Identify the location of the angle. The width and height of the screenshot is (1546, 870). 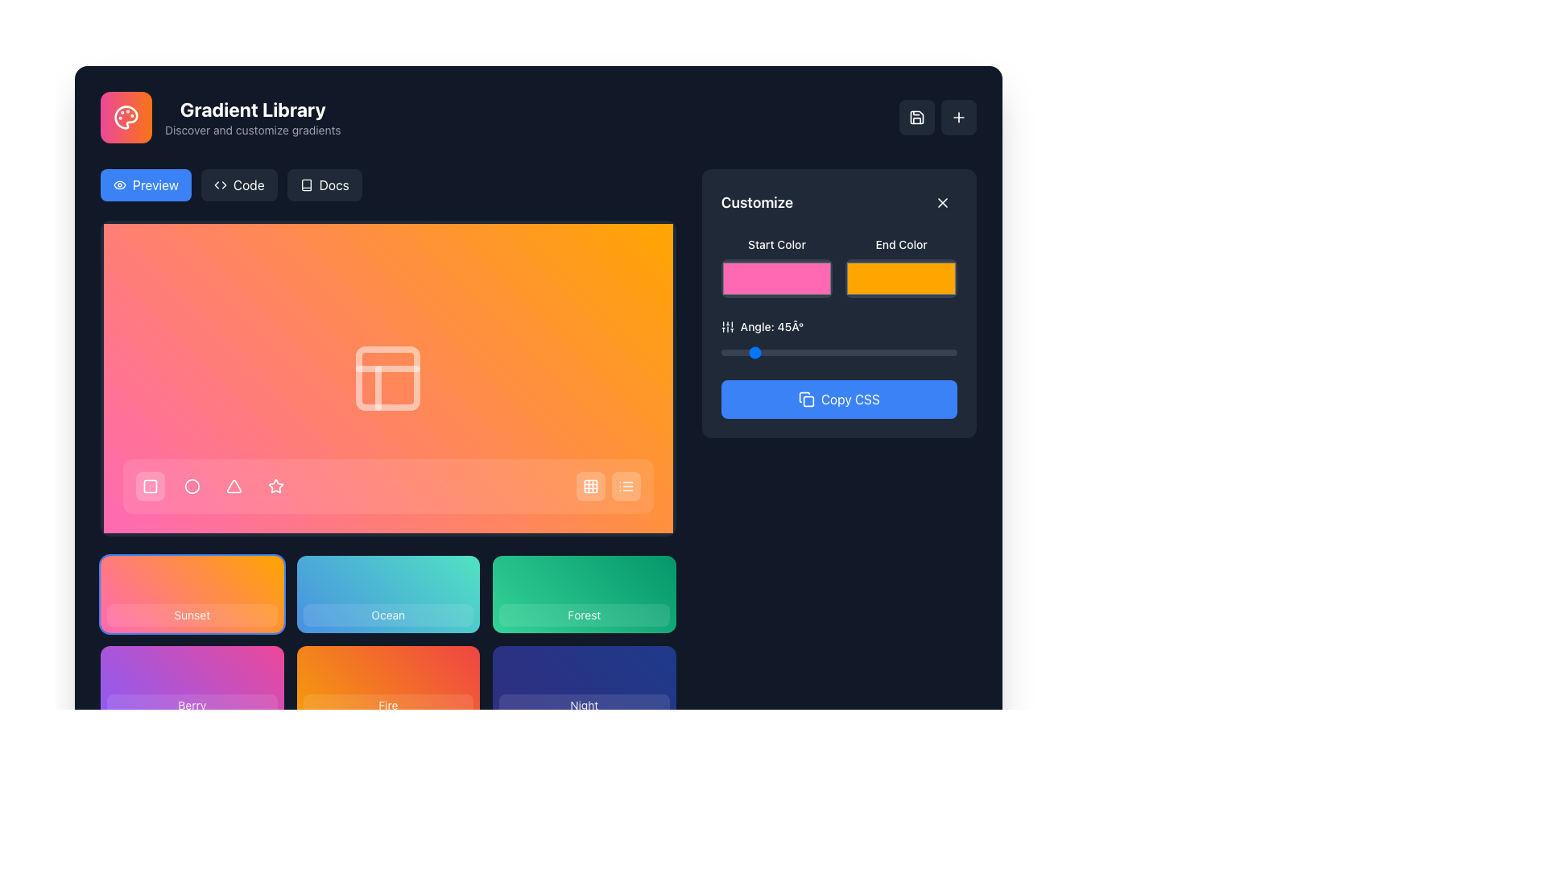
(829, 352).